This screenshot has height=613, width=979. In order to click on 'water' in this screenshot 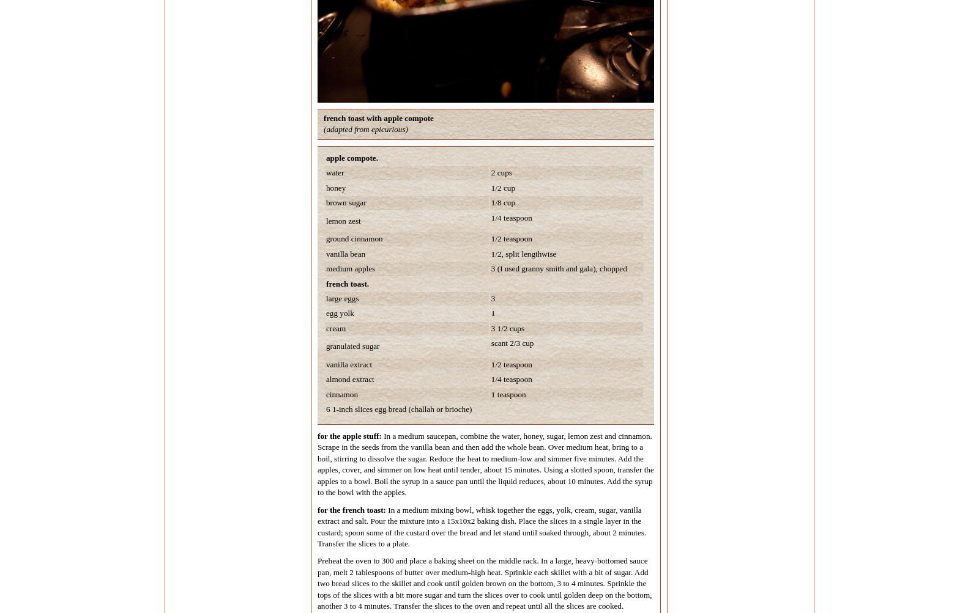, I will do `click(334, 172)`.